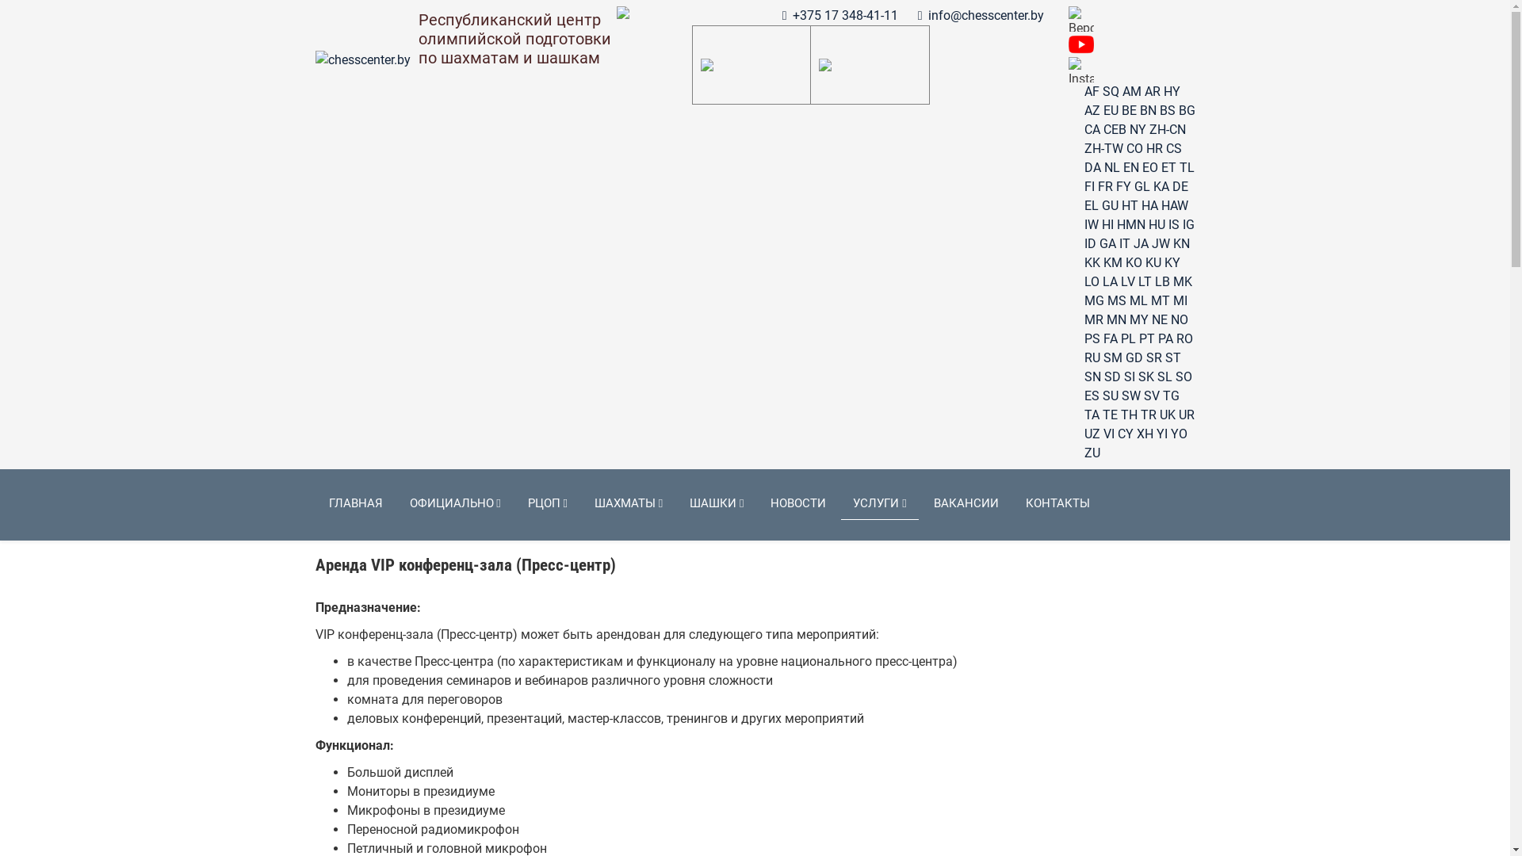 Image resolution: width=1522 pixels, height=856 pixels. What do you see at coordinates (1174, 204) in the screenshot?
I see `'HAW'` at bounding box center [1174, 204].